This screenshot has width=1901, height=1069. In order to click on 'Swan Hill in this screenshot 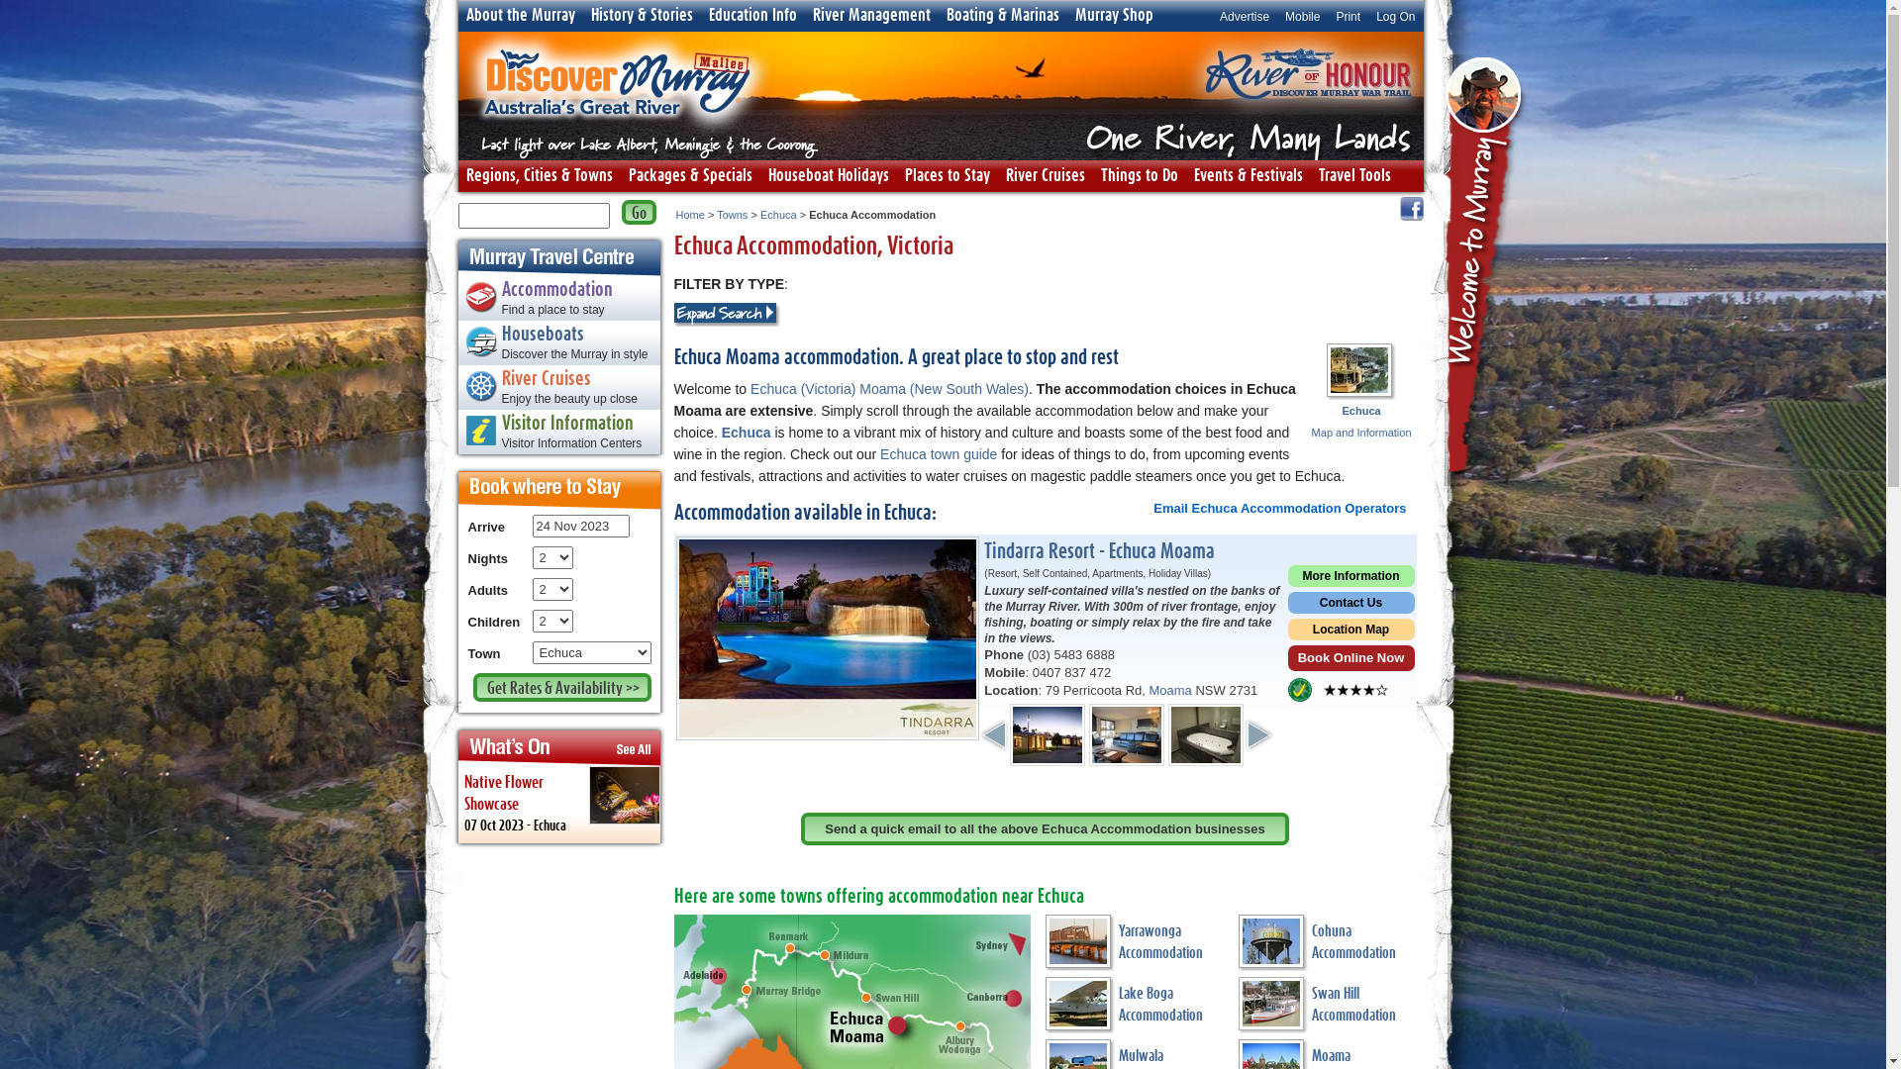, I will do `click(1326, 1008)`.